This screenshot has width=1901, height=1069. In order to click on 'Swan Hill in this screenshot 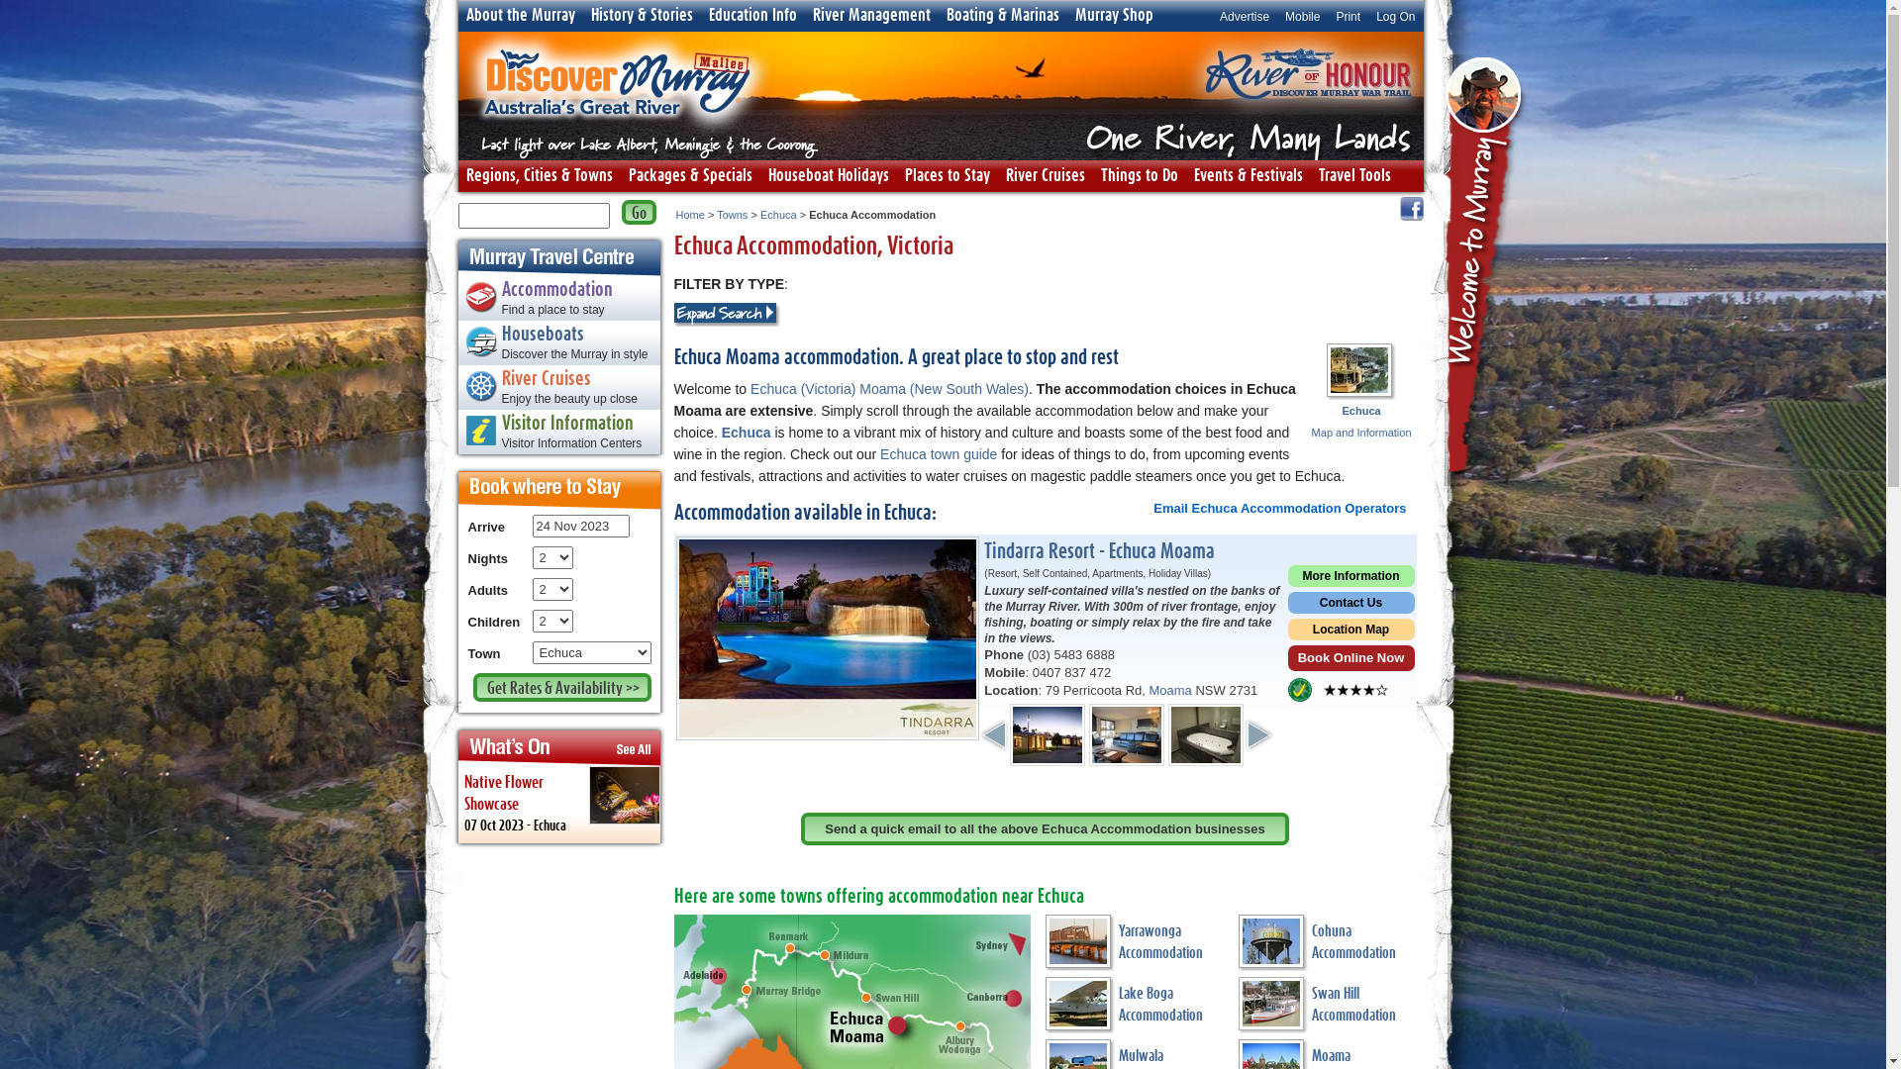, I will do `click(1326, 1008)`.